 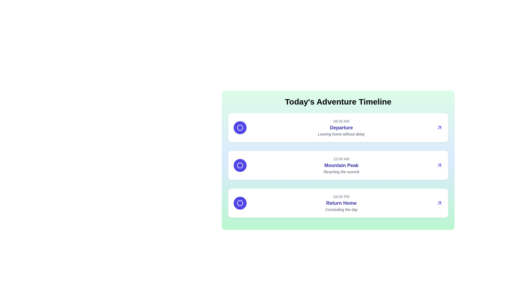 I want to click on the arrow icon indicating more details for the '10:00 AM Mountain Peak' timeline event, located on the far right side of the corresponding list item, so click(x=439, y=165).